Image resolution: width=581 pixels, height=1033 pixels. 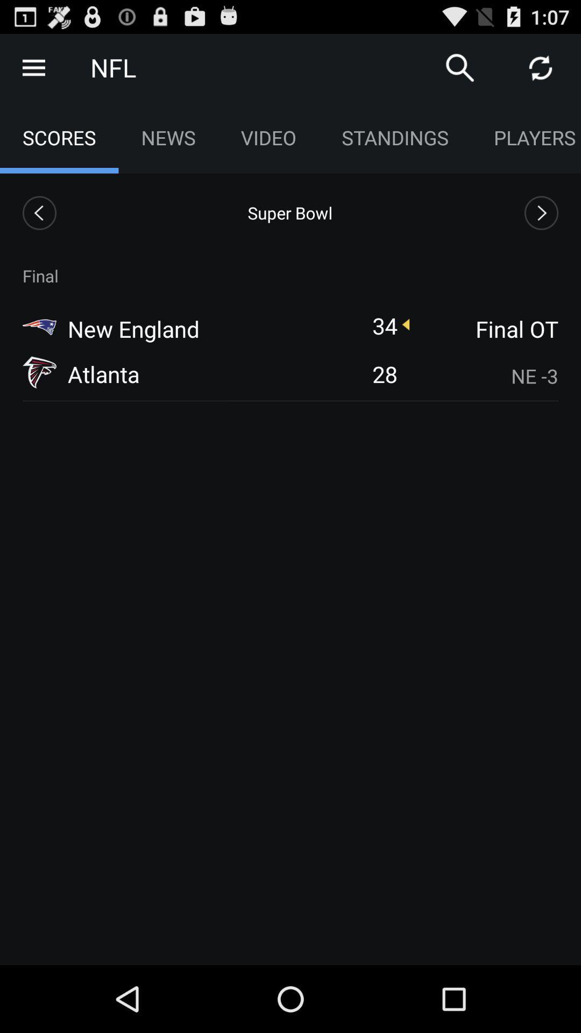 I want to click on search application, so click(x=460, y=67).